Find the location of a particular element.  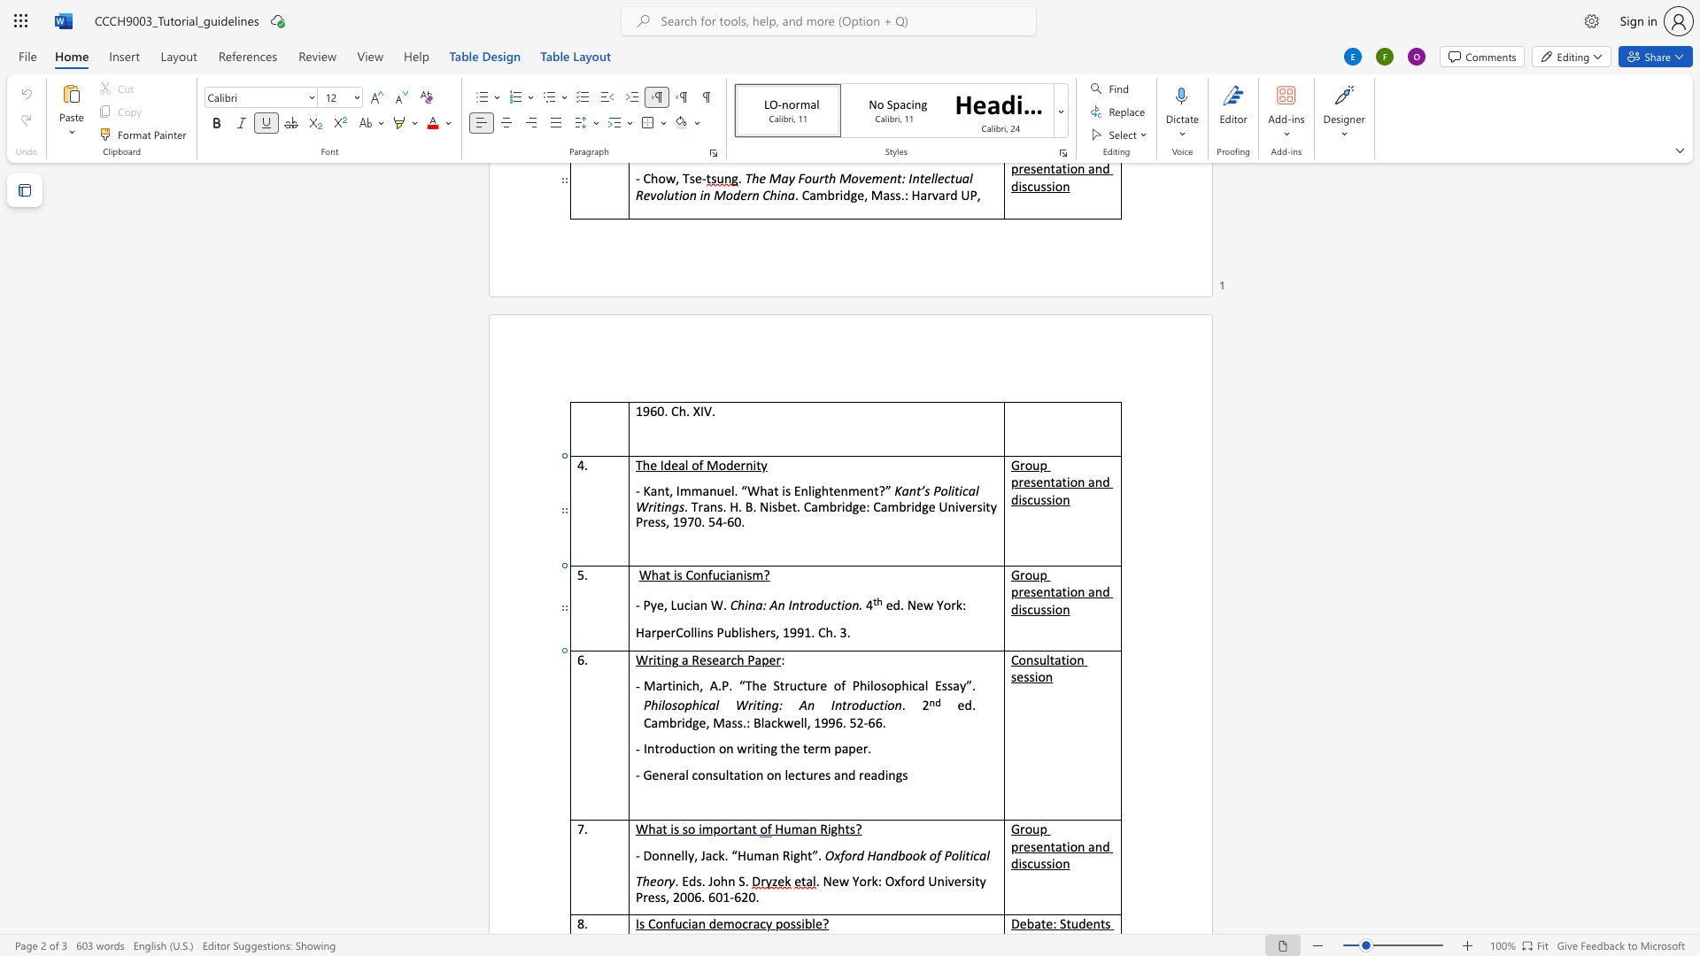

the space between the continuous character "s" and "o" in the text is located at coordinates (887, 684).